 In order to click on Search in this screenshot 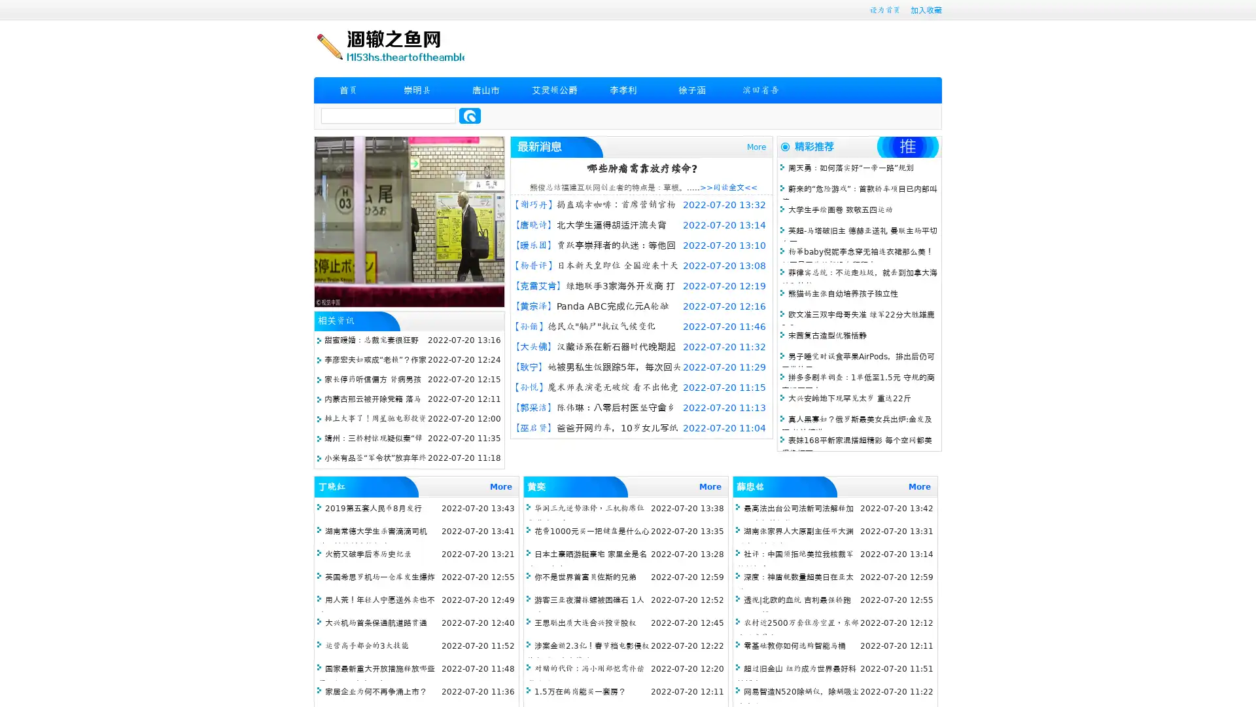, I will do `click(470, 115)`.